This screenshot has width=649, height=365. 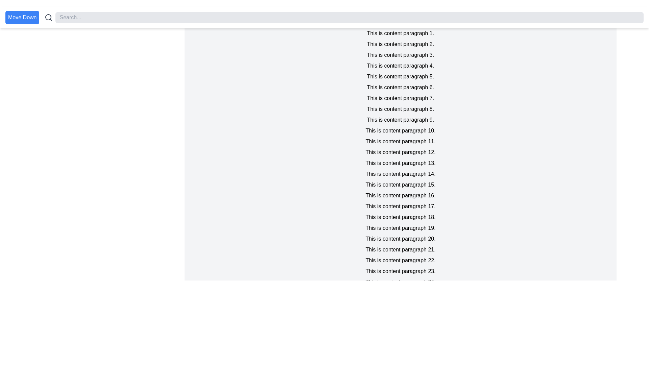 I want to click on the sixth paragraph of the informational text content to select the text, so click(x=401, y=87).